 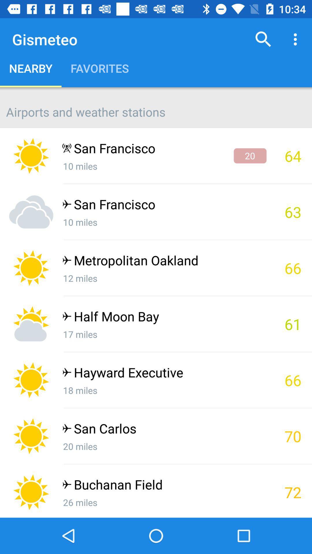 What do you see at coordinates (164, 261) in the screenshot?
I see `the metropolitan oakland` at bounding box center [164, 261].